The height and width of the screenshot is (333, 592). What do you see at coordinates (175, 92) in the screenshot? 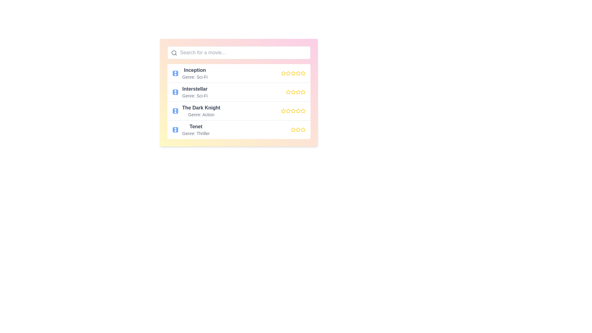
I see `the vibrant blue film reel icon located to the left of the 'Interstellar' movie entry, which precedes the text 'Interstellar' and the subtitle 'Genre: Sci-Fi'` at bounding box center [175, 92].